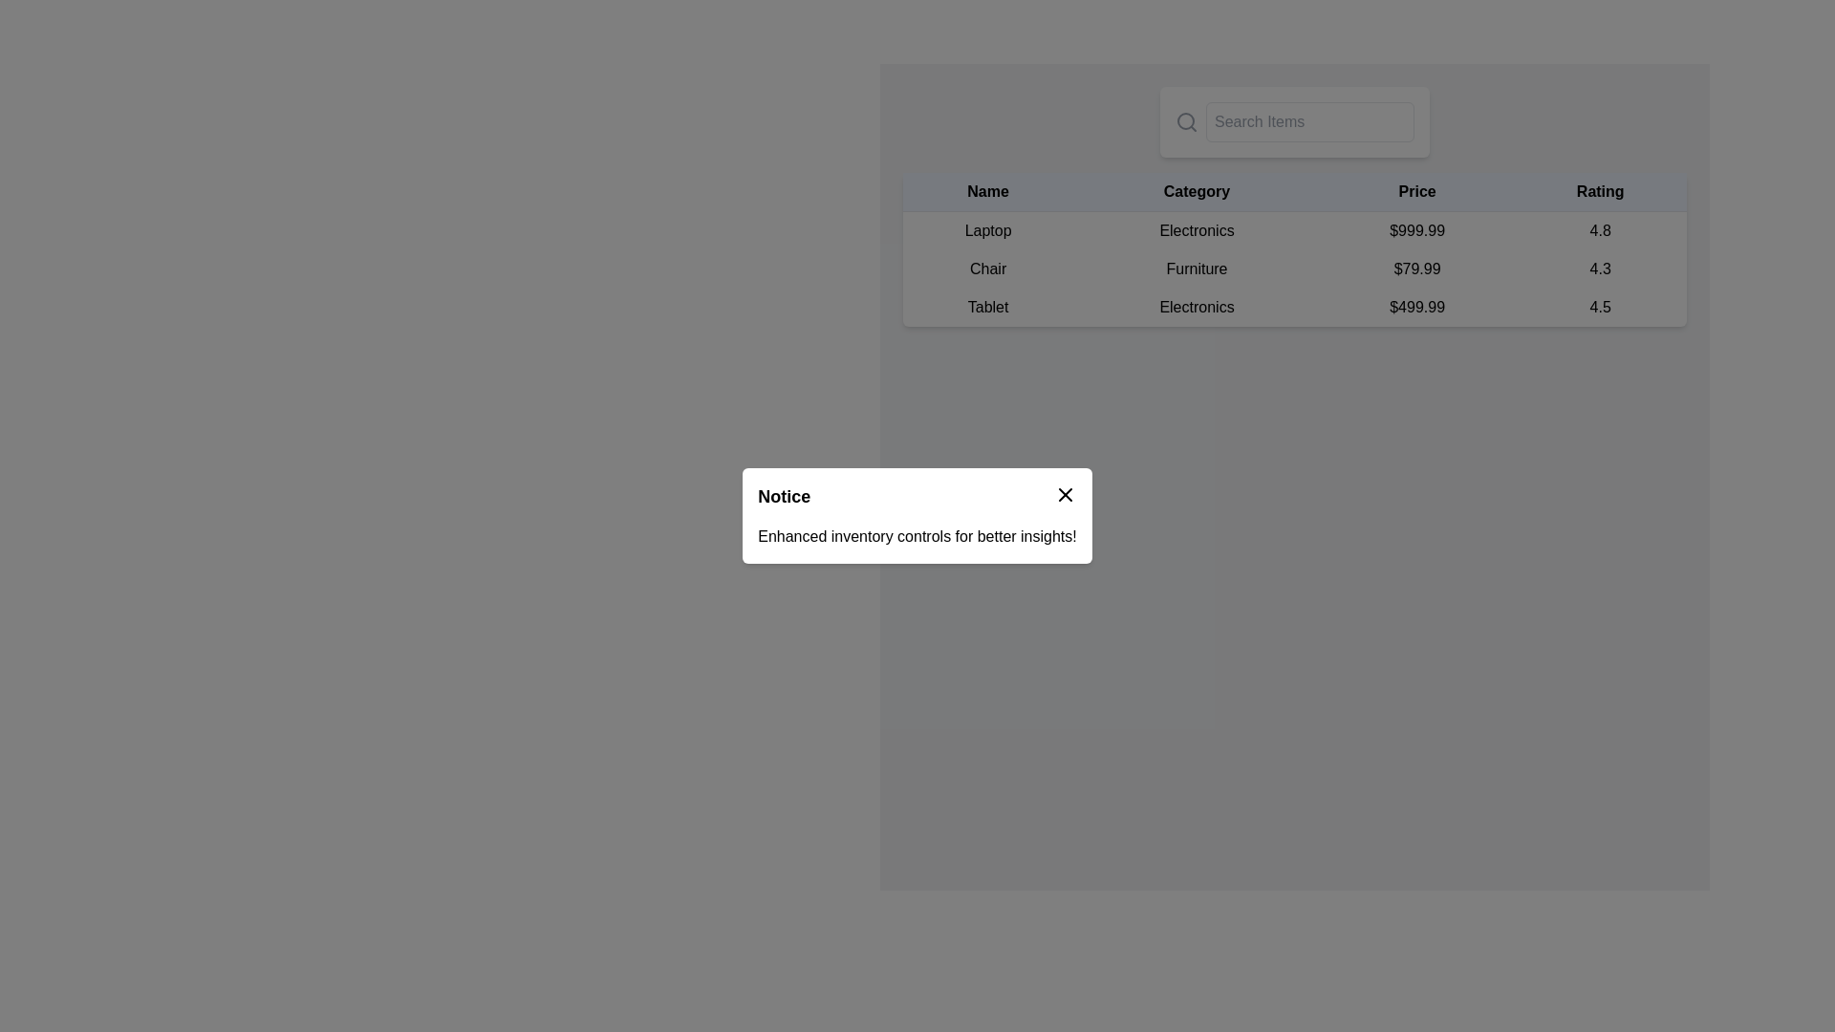  I want to click on the static text label indicating the 'Electronics' category, which is the second cell under the 'Category' column in the row that starts with the item 'Laptop', so click(1196, 229).